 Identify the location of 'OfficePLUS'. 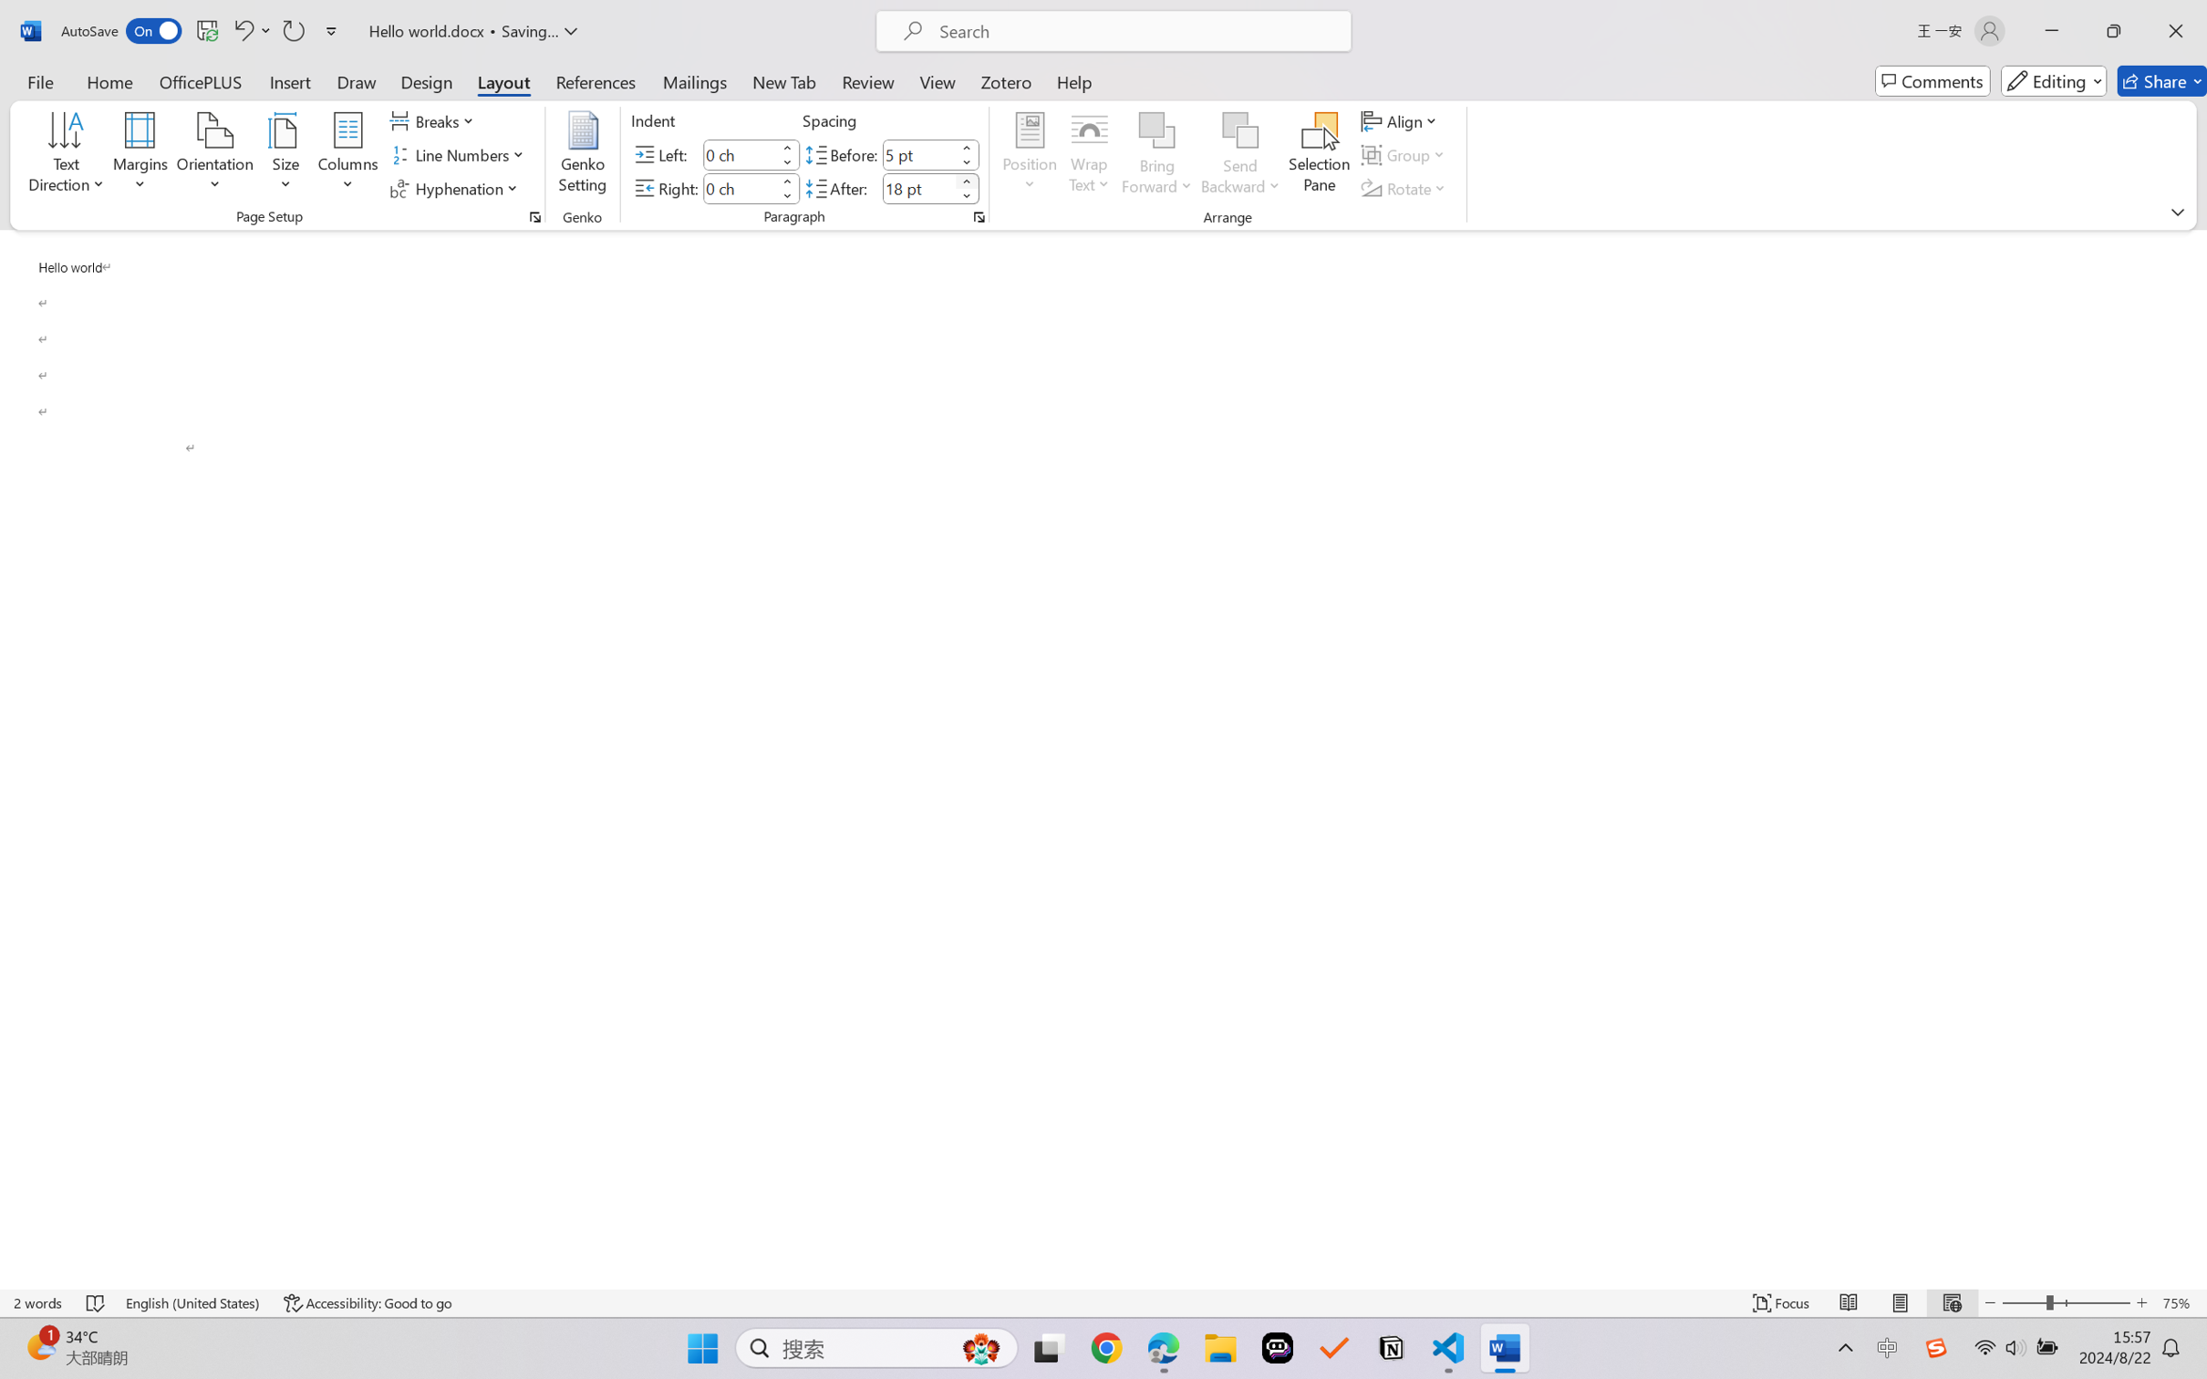
(199, 80).